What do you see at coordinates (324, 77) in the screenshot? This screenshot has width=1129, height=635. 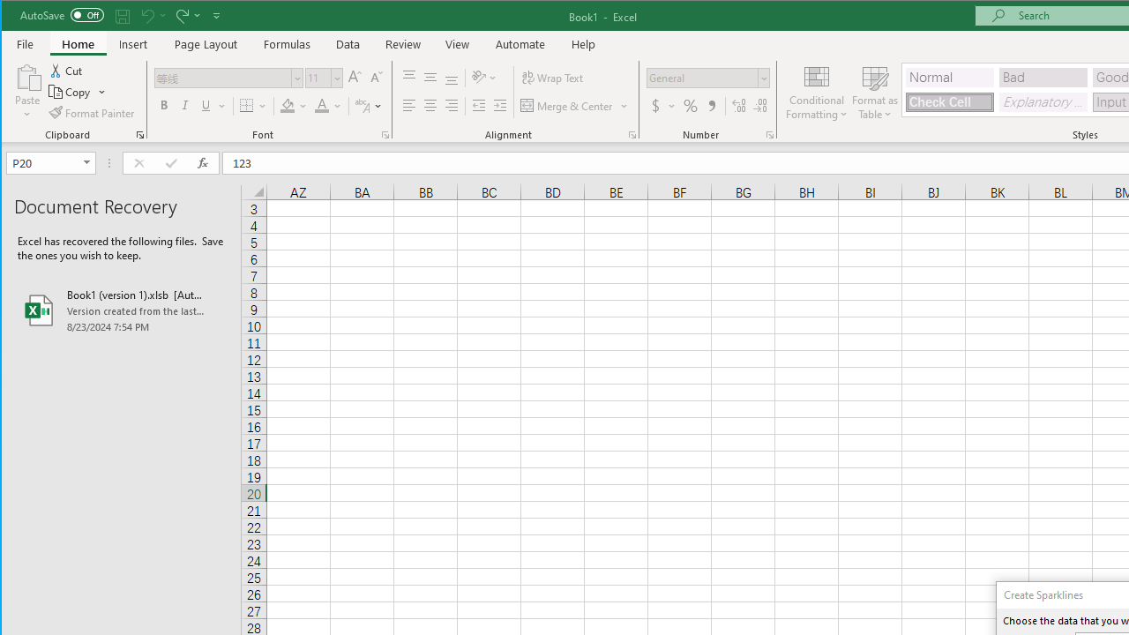 I see `'Font Size'` at bounding box center [324, 77].